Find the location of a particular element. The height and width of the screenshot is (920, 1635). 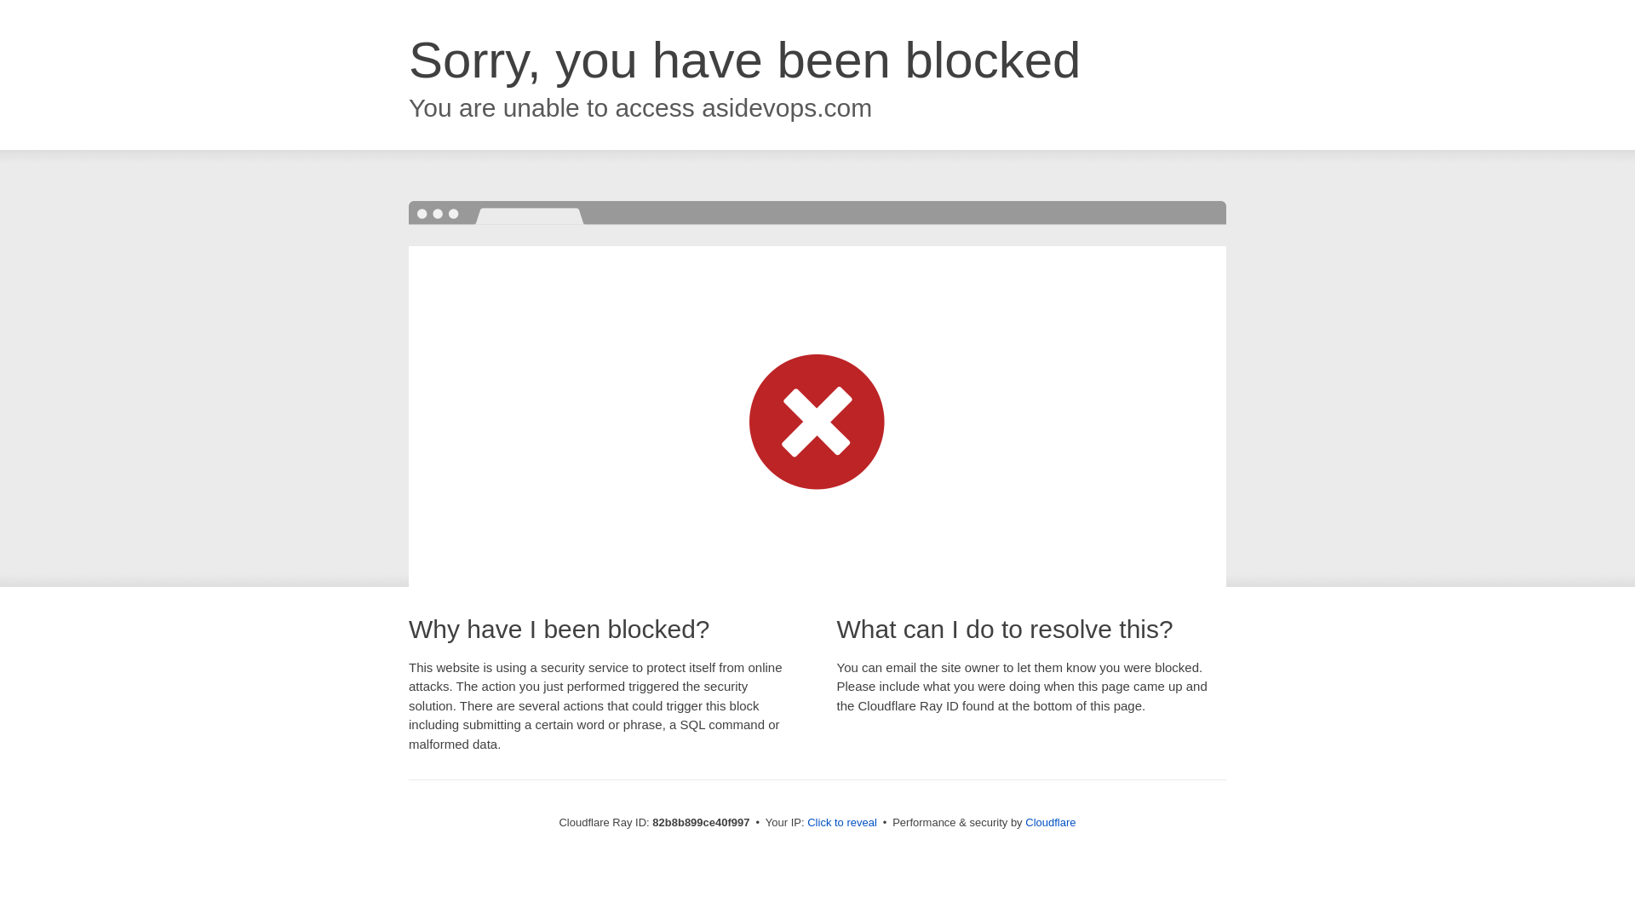

'Click to reveal' is located at coordinates (806, 821).